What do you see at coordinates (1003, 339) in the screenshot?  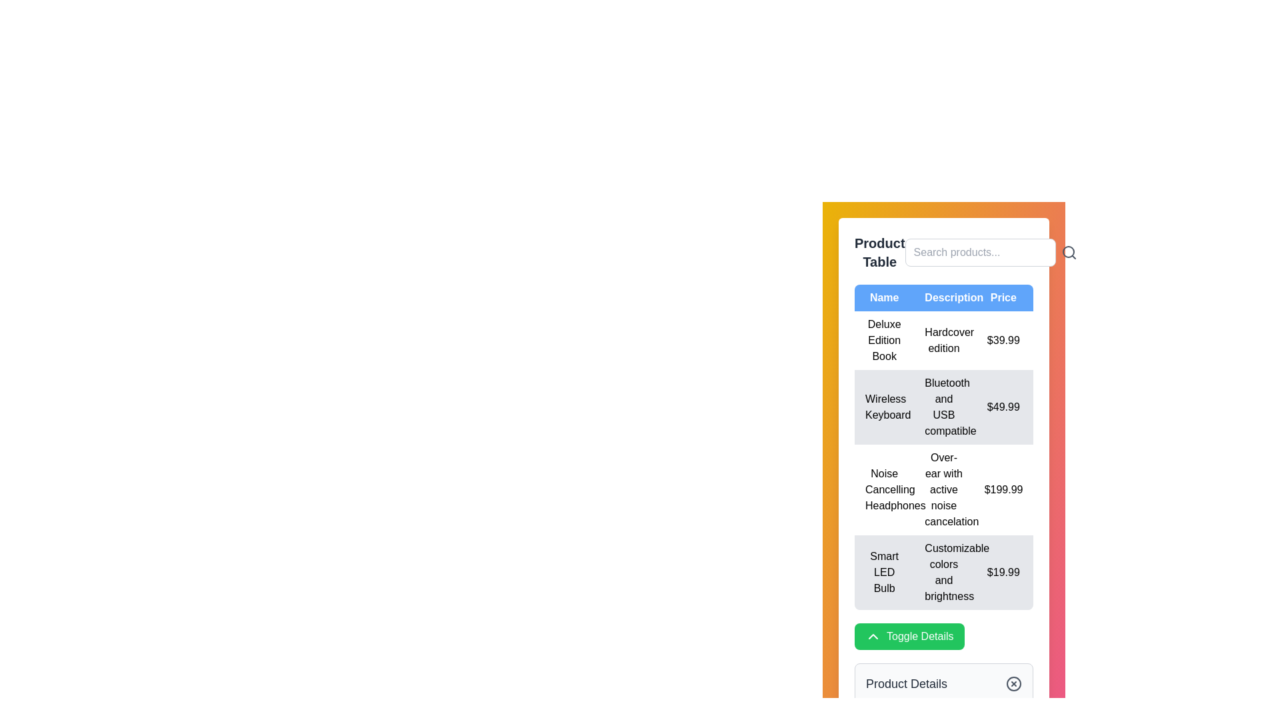 I see `text displaying the price of the 'Deluxe Edition Book' located in the third column of the first row under the 'Price' column` at bounding box center [1003, 339].